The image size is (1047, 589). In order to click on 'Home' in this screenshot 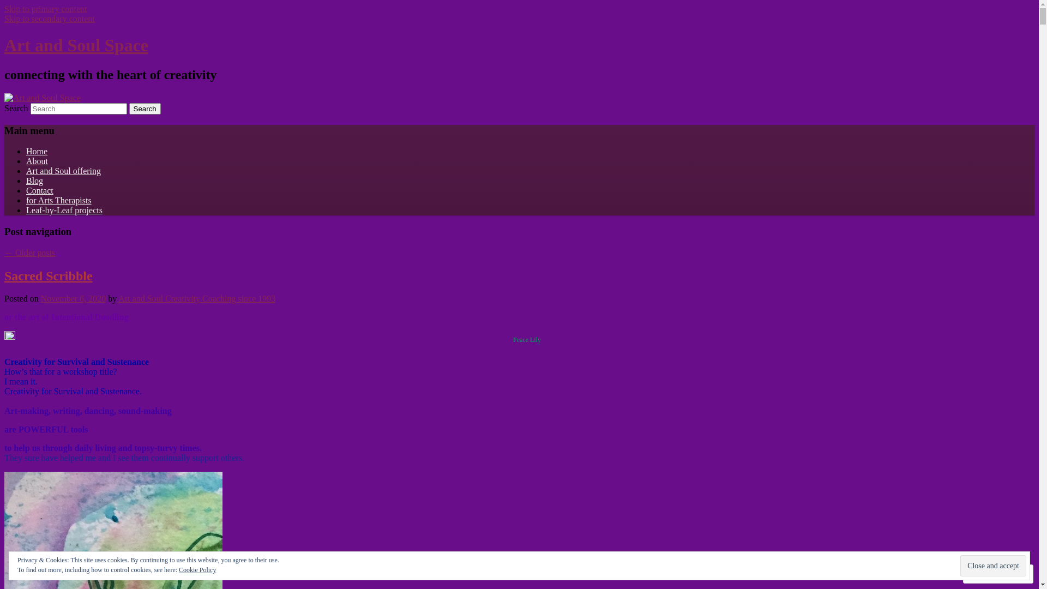, I will do `click(37, 151)`.